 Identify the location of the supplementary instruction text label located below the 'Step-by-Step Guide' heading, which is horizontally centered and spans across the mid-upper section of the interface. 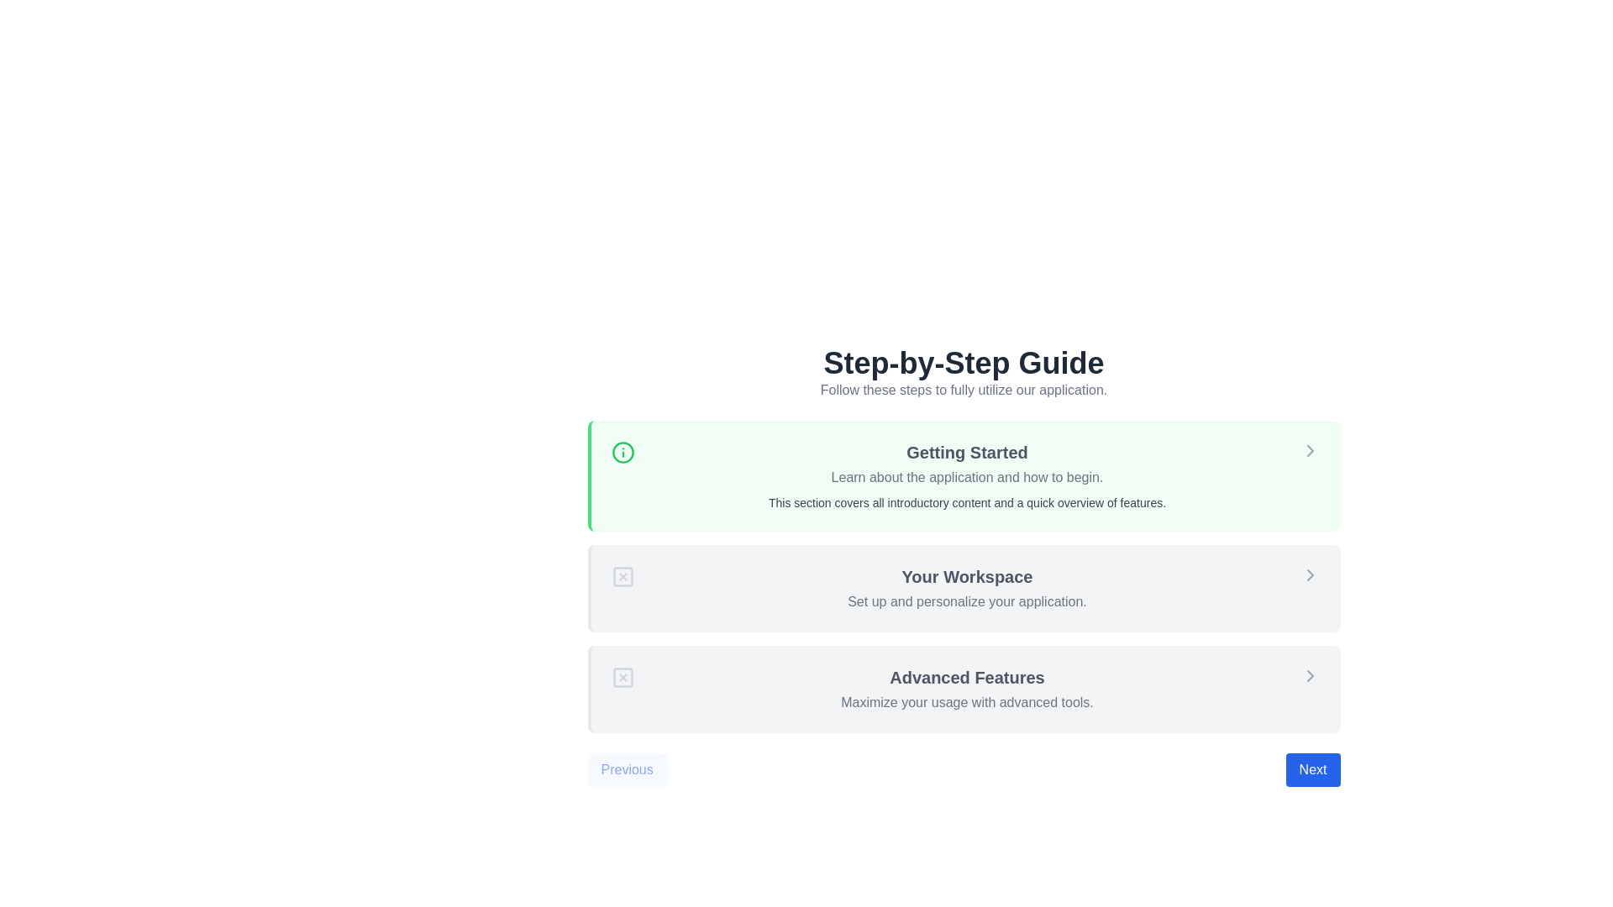
(964, 391).